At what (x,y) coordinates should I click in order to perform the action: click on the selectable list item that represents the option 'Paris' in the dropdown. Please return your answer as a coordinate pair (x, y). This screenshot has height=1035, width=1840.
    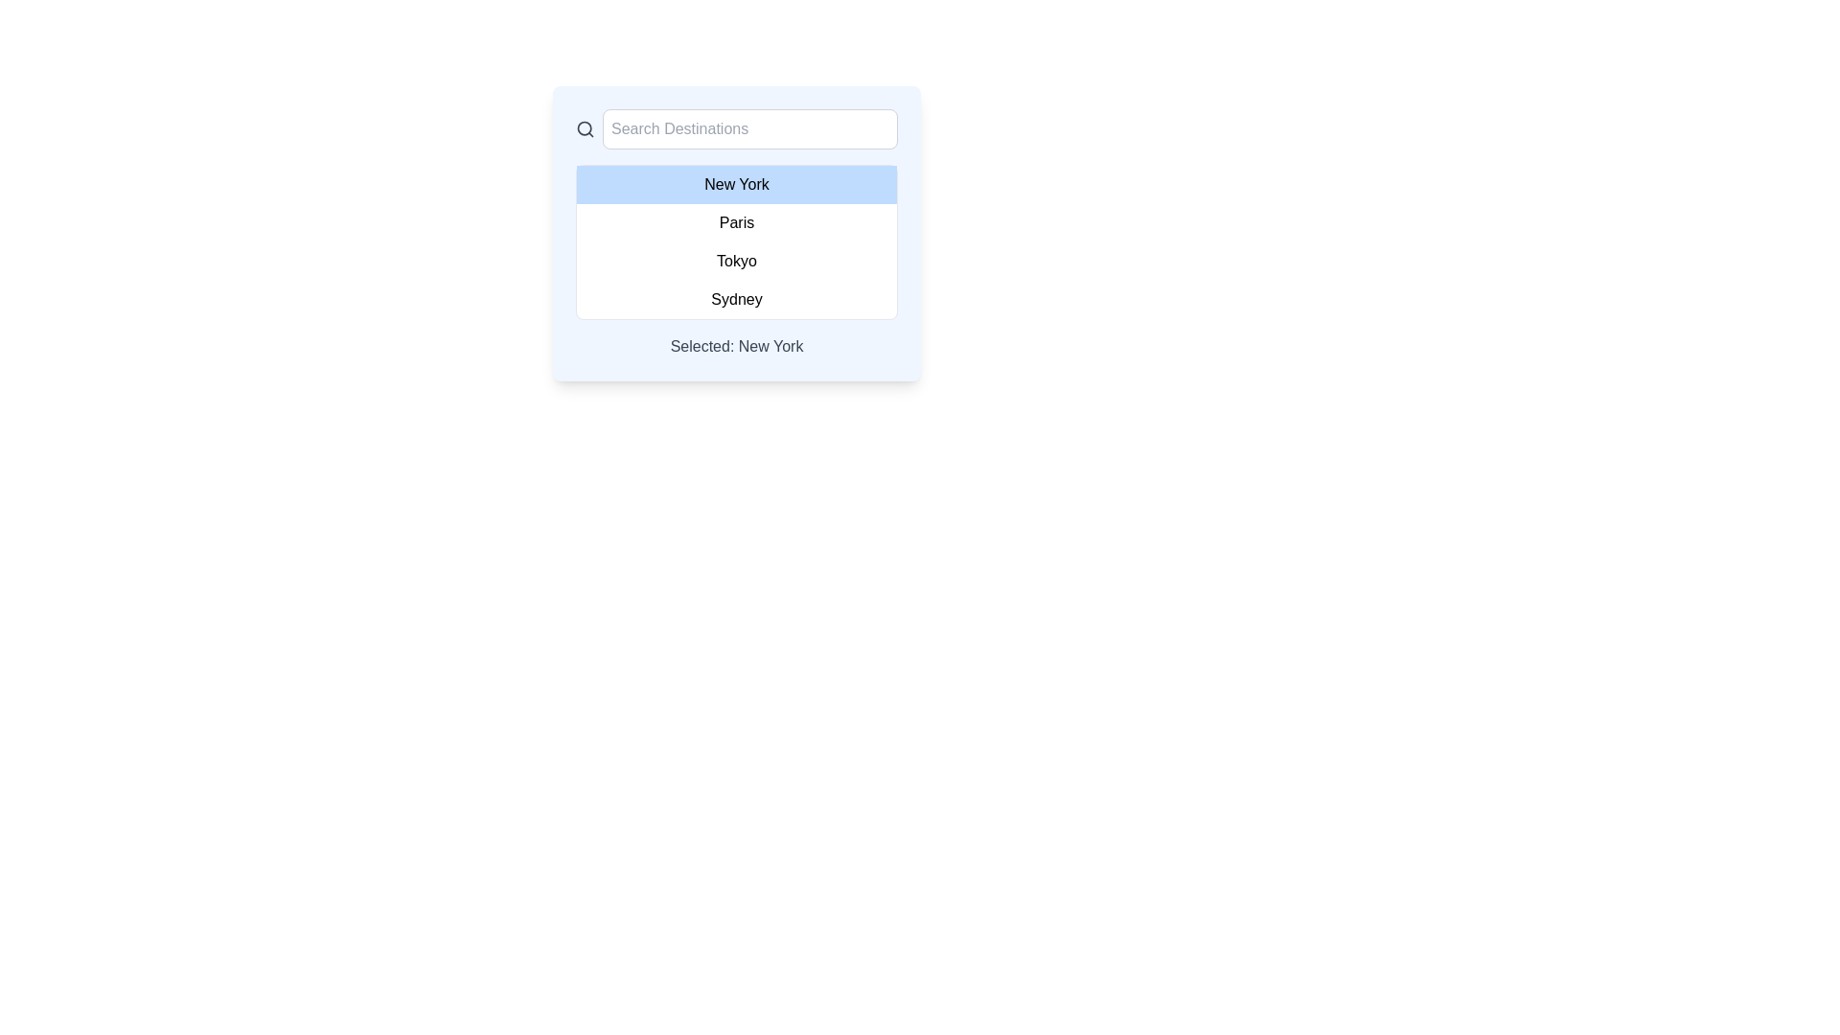
    Looking at the image, I should click on (735, 221).